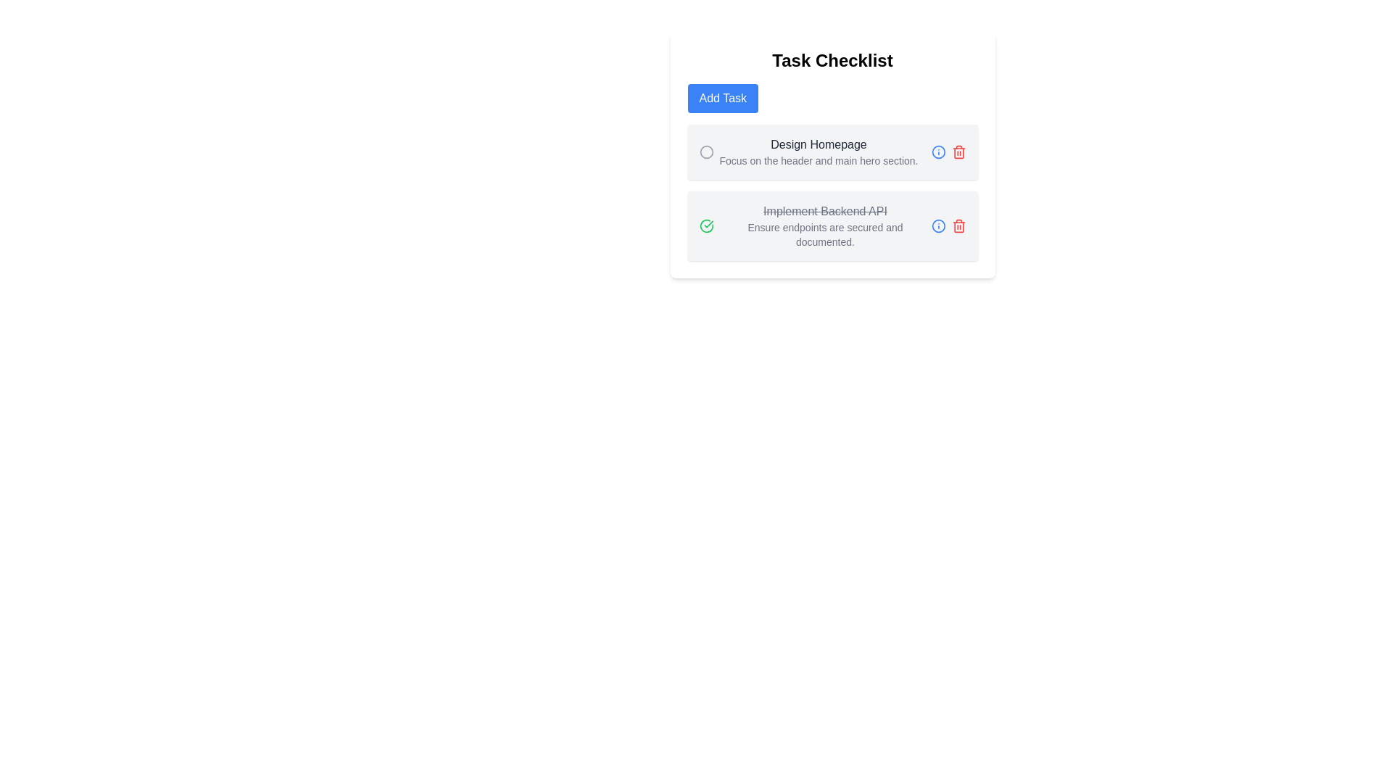  What do you see at coordinates (706, 226) in the screenshot?
I see `the graphical icon or vector shape that serves as a checklist item status indicator, located to the left of the text label in the task item` at bounding box center [706, 226].